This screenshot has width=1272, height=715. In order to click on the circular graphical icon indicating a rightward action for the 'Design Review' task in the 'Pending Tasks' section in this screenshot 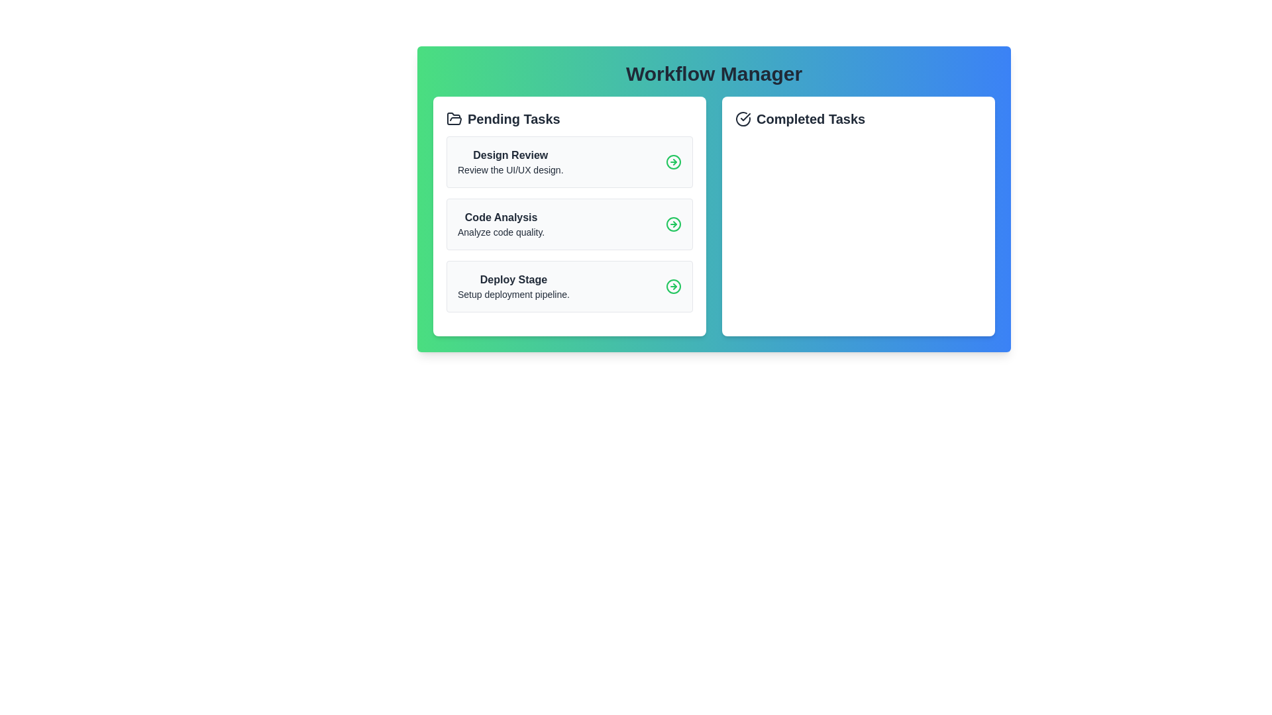, I will do `click(674, 162)`.